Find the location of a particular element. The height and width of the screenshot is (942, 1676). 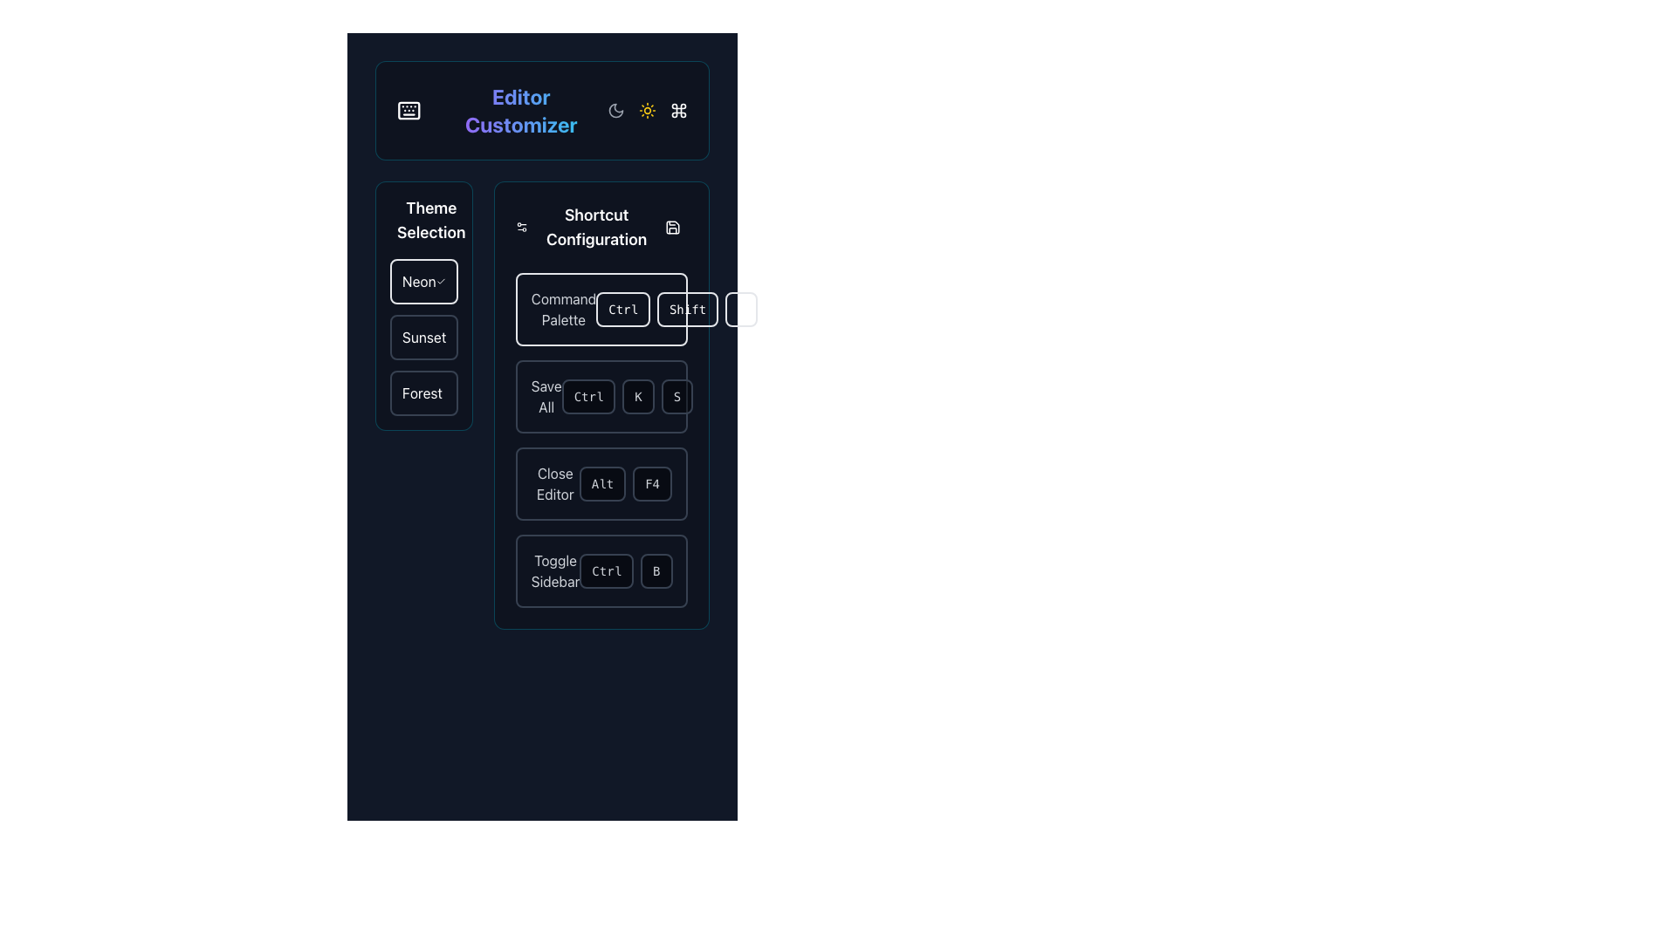

the first key in the keyboard shortcut sequence for the 'Save All' command, located in the shortcut configuration panel, which is positioned centrally in the application's interface is located at coordinates (601, 397).